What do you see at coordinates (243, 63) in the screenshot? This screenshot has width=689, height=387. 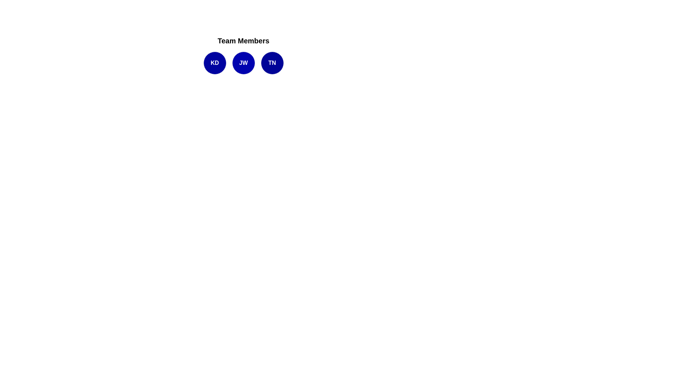 I see `the central text displaying 'JW' in bold white font, which is located in the second blue circular icon beneath the 'Team Members' header` at bounding box center [243, 63].